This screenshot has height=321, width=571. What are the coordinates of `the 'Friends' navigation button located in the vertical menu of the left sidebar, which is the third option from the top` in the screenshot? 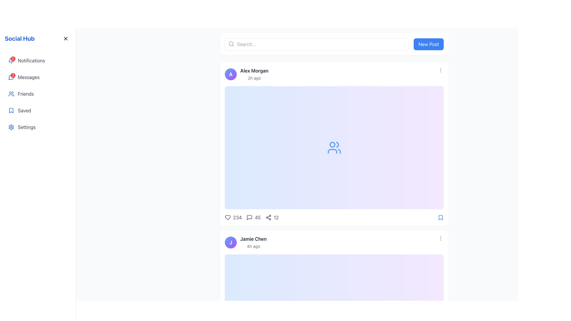 It's located at (37, 94).